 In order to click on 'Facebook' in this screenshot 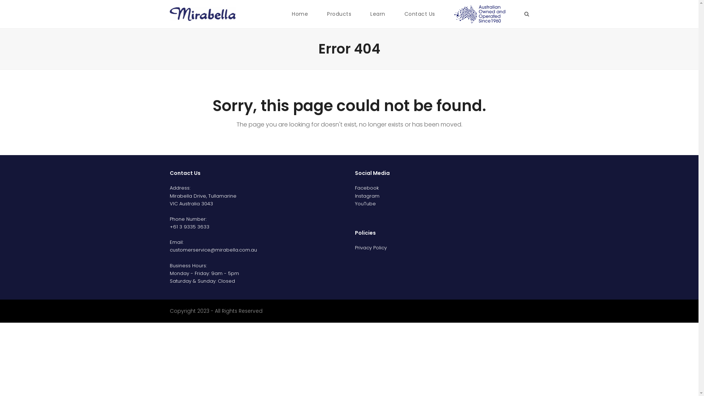, I will do `click(367, 187)`.